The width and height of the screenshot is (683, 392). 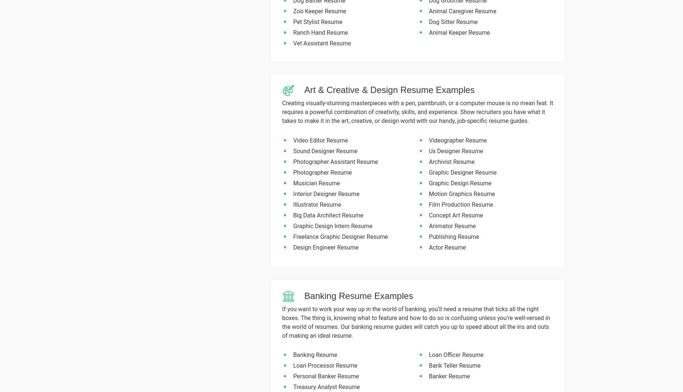 I want to click on 'Actor Resume', so click(x=447, y=247).